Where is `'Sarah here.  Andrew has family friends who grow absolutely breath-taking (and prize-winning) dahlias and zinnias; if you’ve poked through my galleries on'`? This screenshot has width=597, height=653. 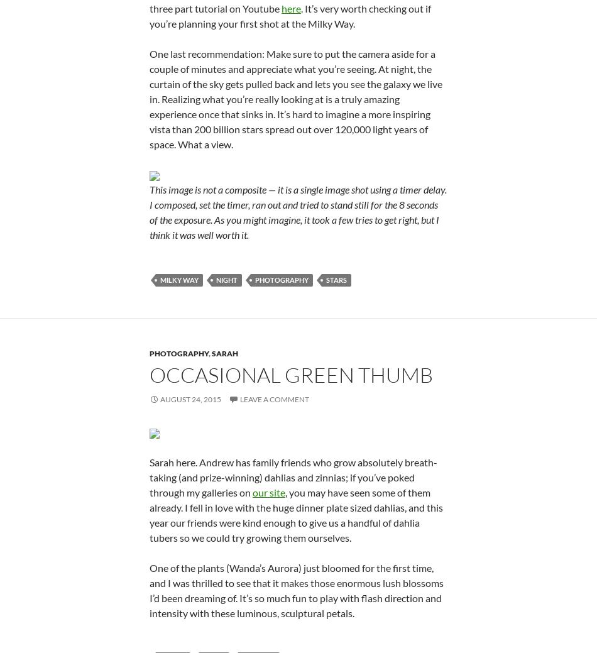 'Sarah here.  Andrew has family friends who grow absolutely breath-taking (and prize-winning) dahlias and zinnias; if you’ve poked through my galleries on' is located at coordinates (149, 476).